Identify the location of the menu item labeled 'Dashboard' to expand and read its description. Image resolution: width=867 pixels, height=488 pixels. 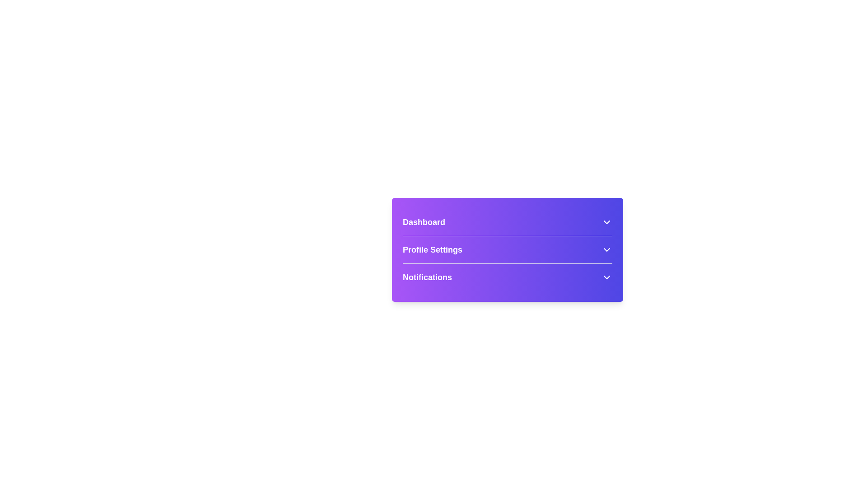
(507, 222).